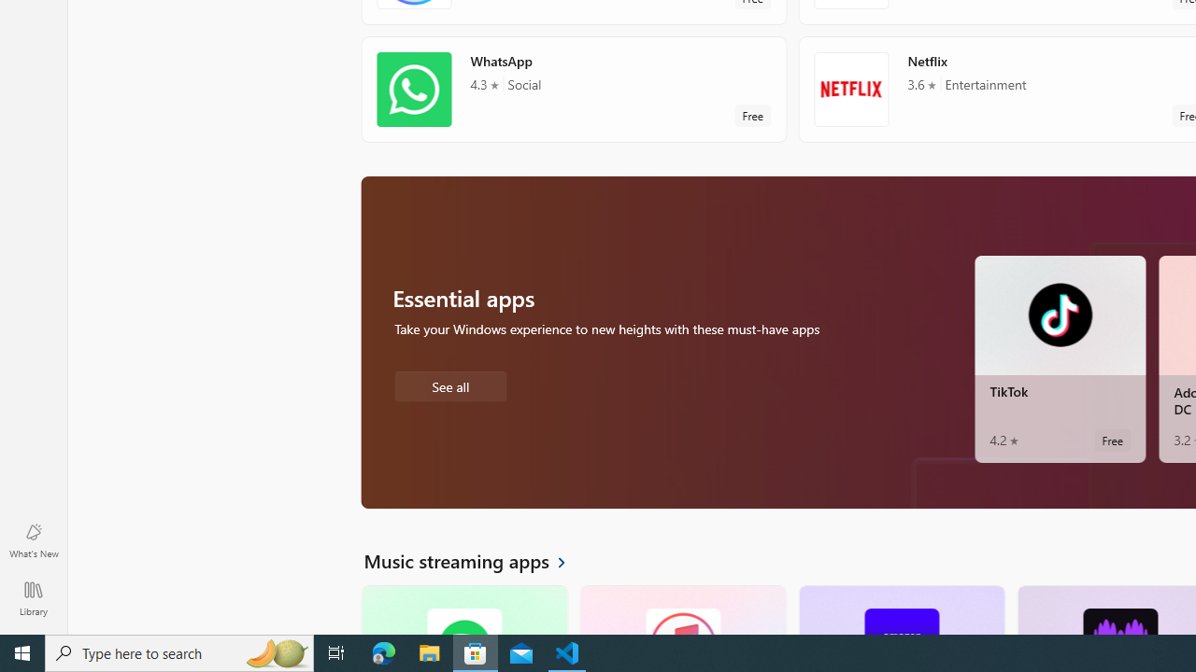 The image size is (1196, 672). I want to click on 'Library', so click(33, 597).